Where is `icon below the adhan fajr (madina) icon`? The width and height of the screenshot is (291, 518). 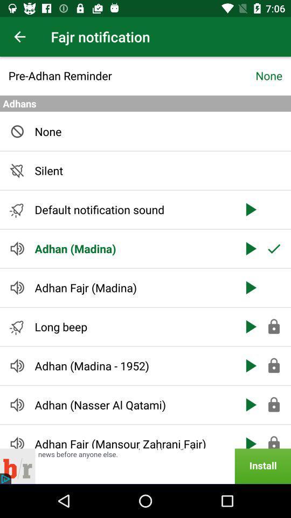 icon below the adhan fajr (madina) icon is located at coordinates (132, 326).